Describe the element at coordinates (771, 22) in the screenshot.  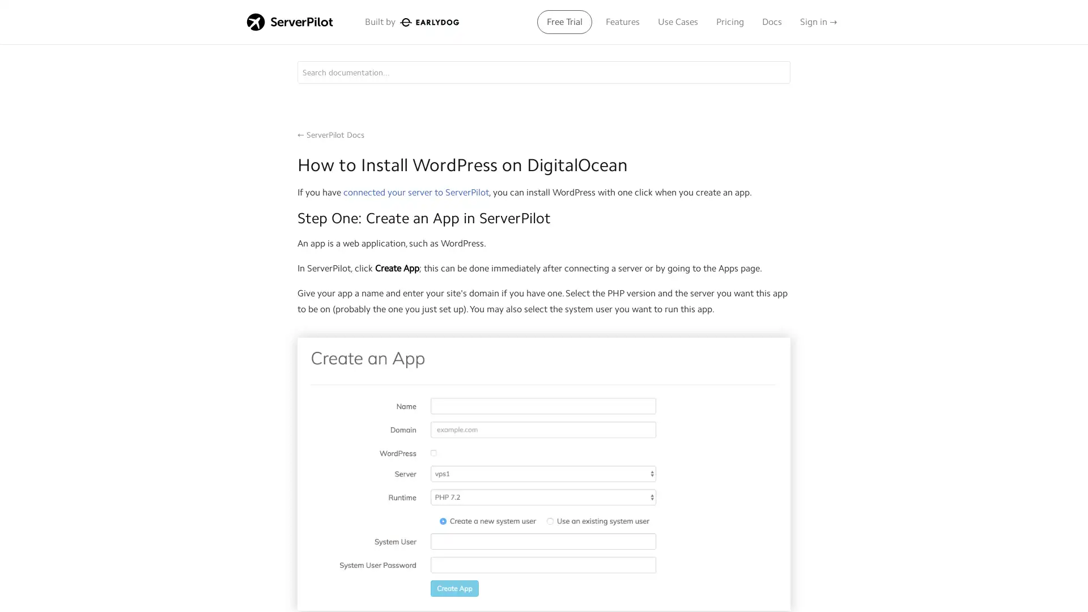
I see `Docs` at that location.